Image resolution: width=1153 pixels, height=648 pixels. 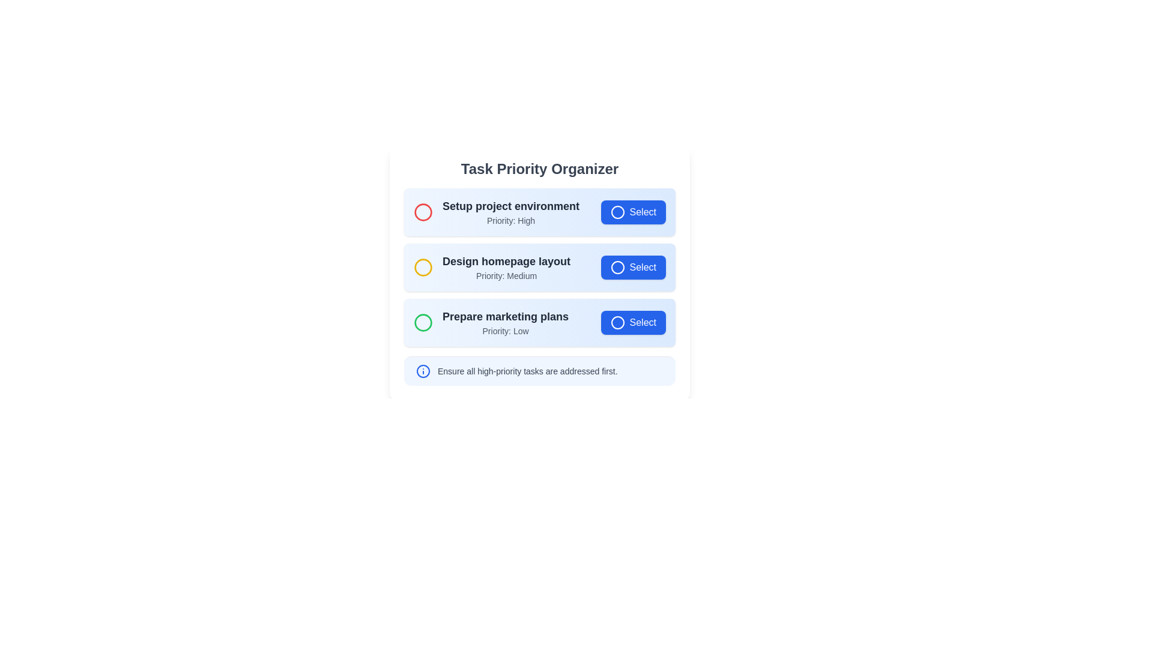 What do you see at coordinates (539, 212) in the screenshot?
I see `the Task card, which includes a title, description, and an action button` at bounding box center [539, 212].